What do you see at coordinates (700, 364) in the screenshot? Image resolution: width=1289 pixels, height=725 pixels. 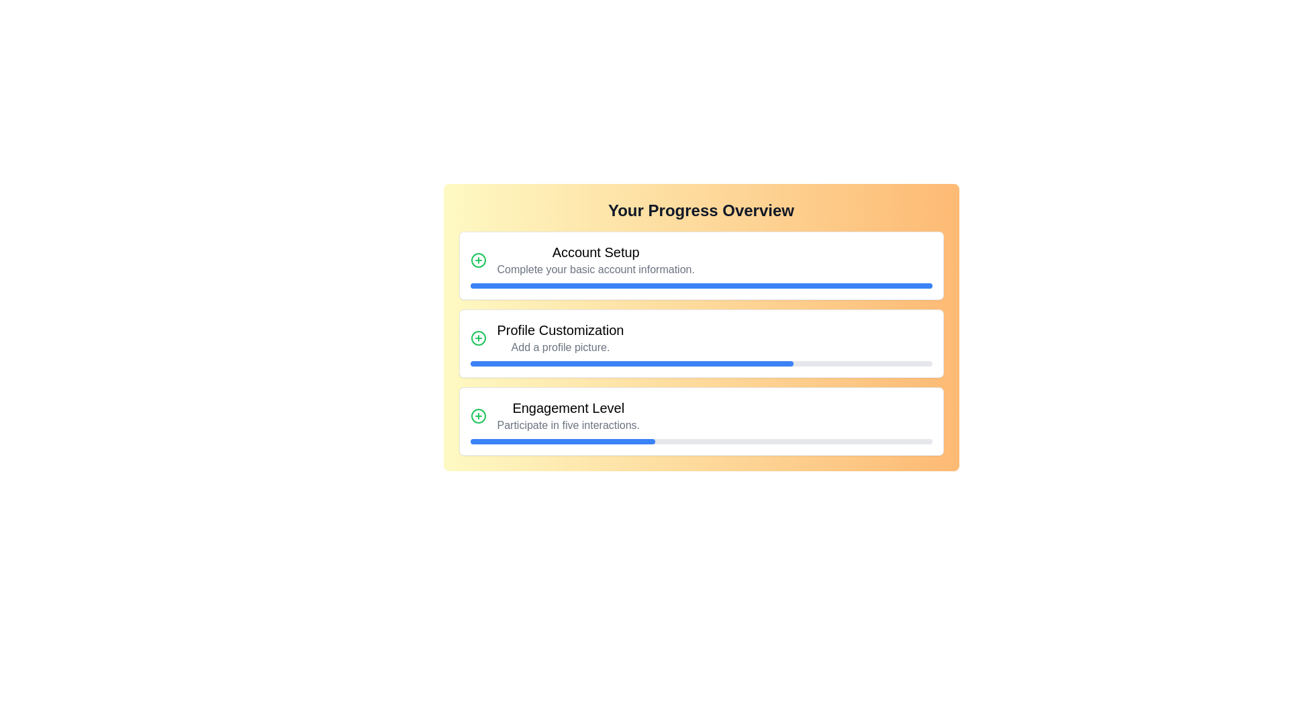 I see `the horizontal progress bar located at the bottom of the 'Profile Customization' card, beneath the text 'Add a profile picture,' which indicates 70% completion` at bounding box center [700, 364].